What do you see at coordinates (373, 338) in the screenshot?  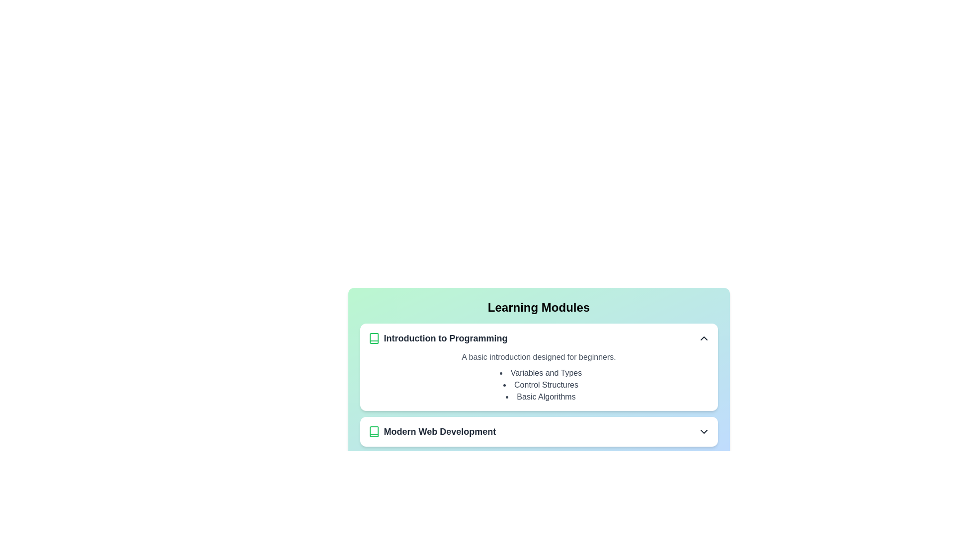 I see `the green book icon located to the left of the 'Introduction to Programming' section header for contextual information` at bounding box center [373, 338].